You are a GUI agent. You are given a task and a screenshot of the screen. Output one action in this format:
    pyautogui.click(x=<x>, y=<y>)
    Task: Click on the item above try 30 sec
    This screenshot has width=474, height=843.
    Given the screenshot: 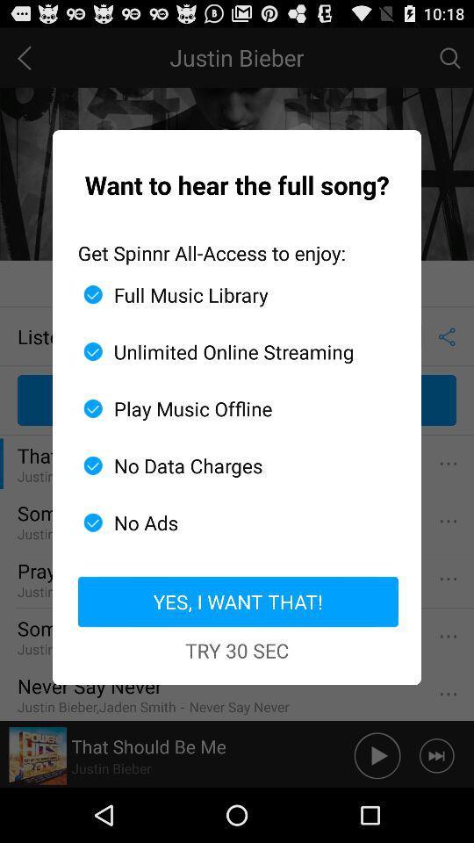 What is the action you would take?
    pyautogui.click(x=237, y=602)
    